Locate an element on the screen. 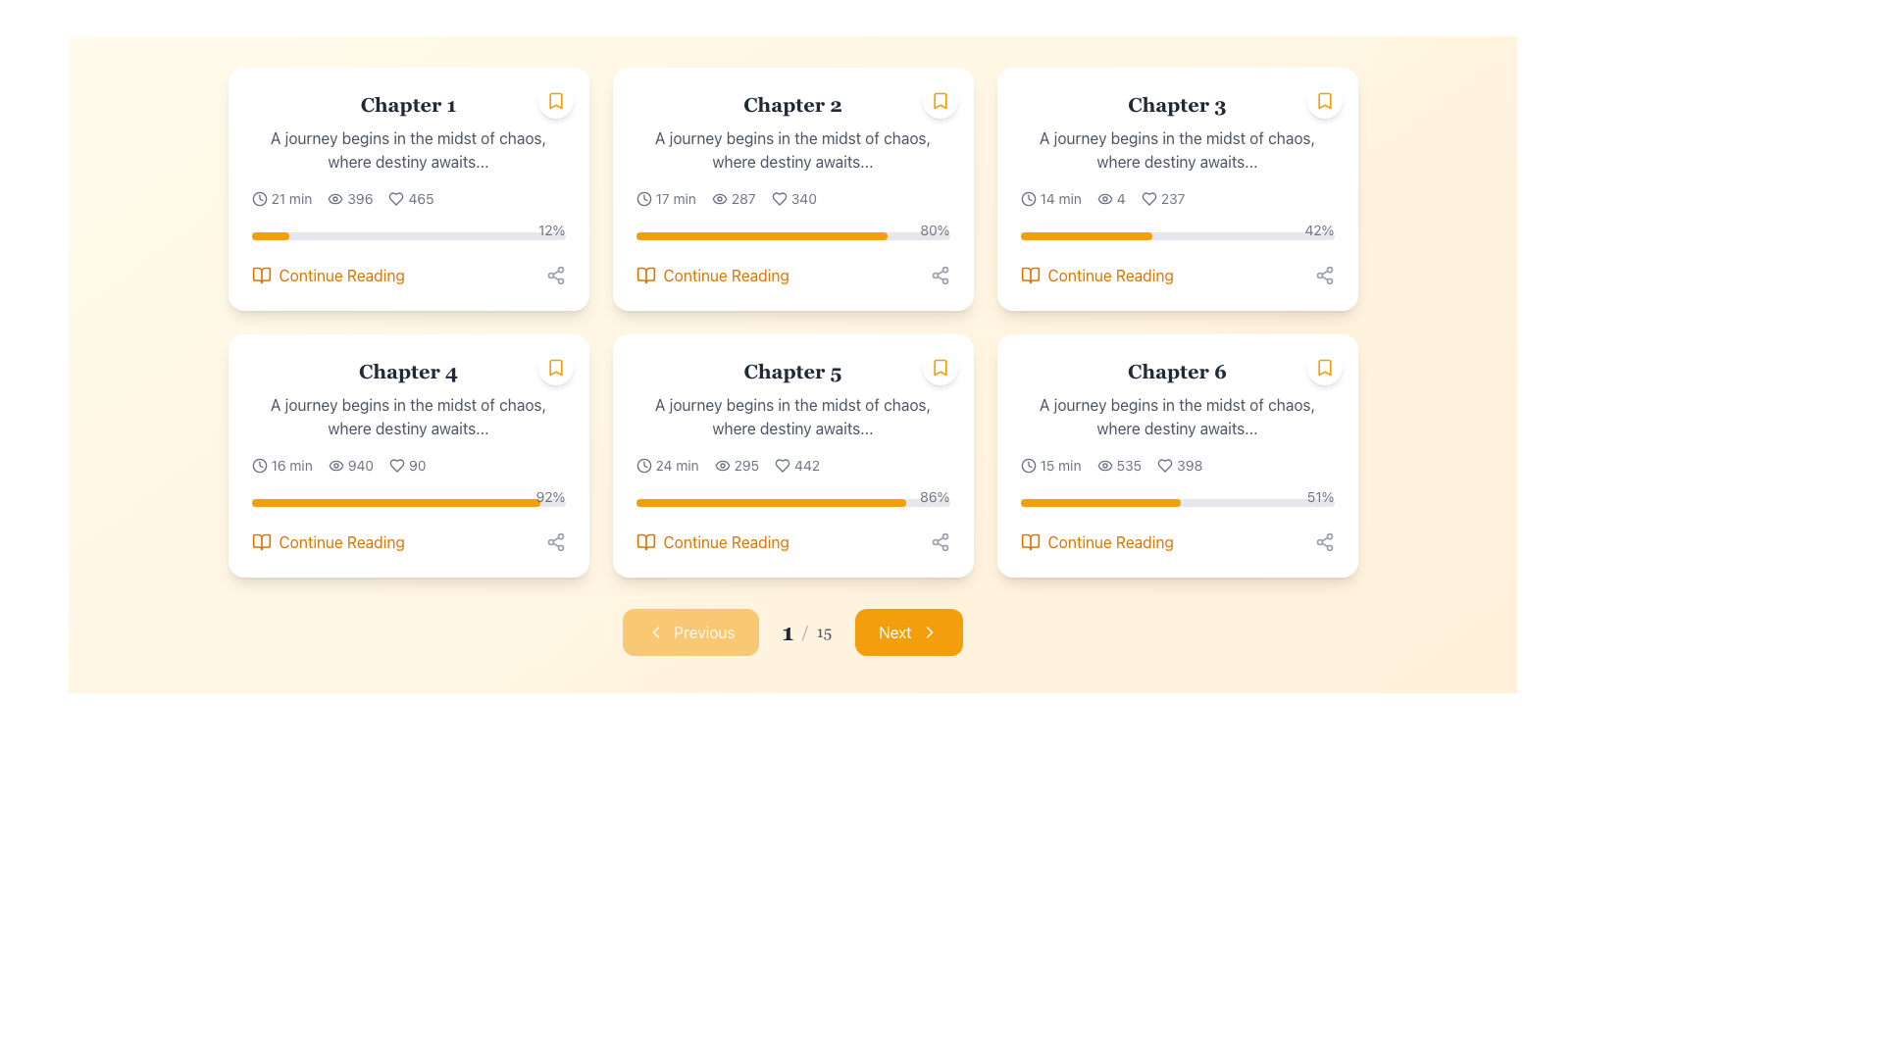 This screenshot has width=1883, height=1059. the text label displaying '92%' which is positioned above the right end of a progress bar in the 'Chapter 4' card is located at coordinates (549, 495).